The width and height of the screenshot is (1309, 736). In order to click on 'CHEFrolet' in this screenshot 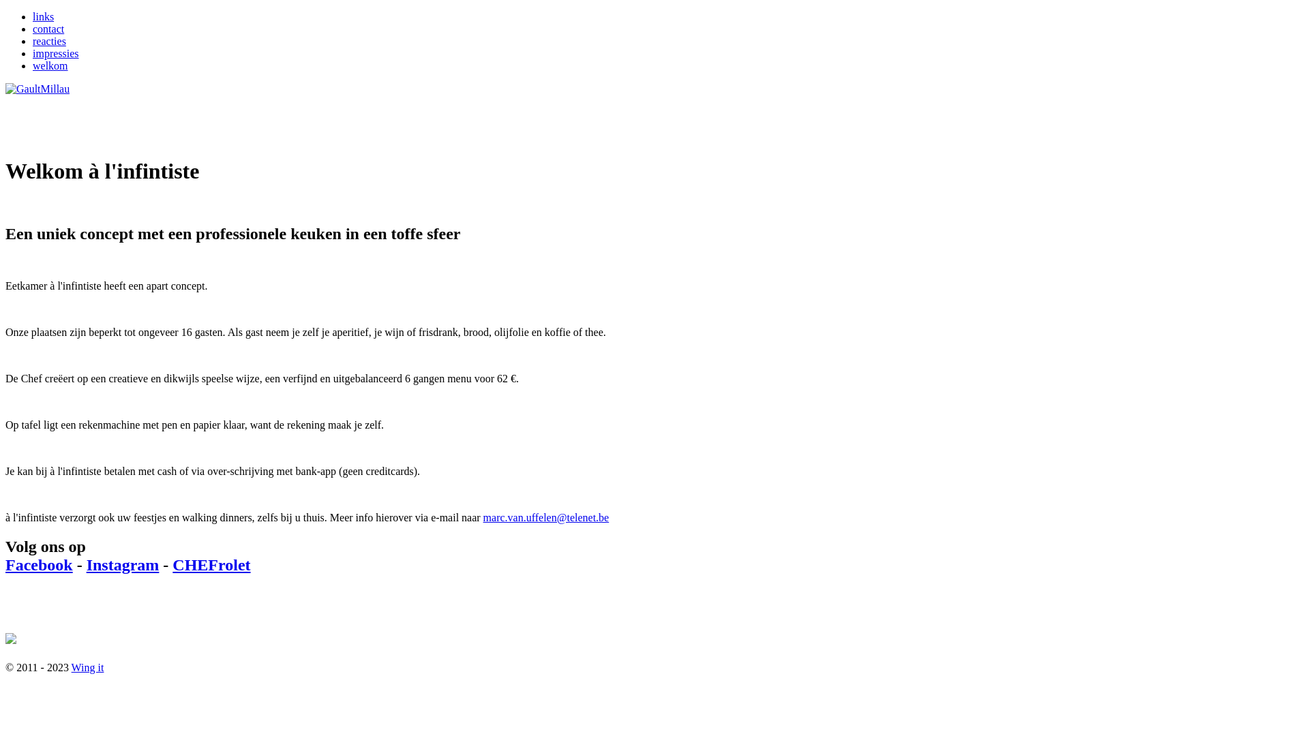, I will do `click(211, 565)`.